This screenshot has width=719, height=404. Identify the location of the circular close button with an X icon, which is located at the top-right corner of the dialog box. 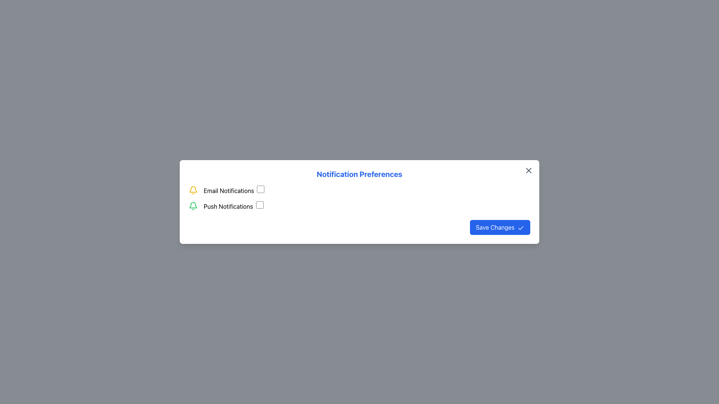
(528, 170).